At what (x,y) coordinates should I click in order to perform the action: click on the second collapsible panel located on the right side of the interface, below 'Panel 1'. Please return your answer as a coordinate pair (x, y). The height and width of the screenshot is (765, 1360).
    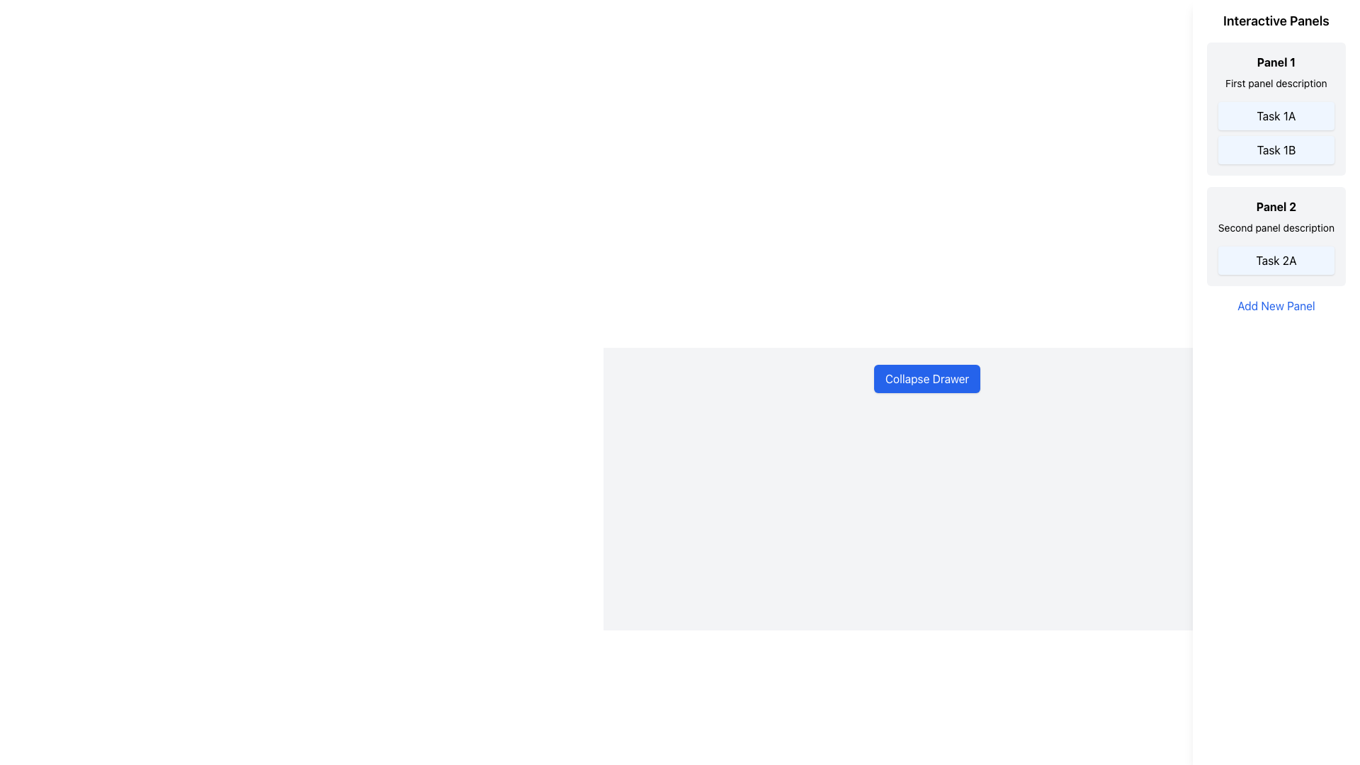
    Looking at the image, I should click on (1276, 236).